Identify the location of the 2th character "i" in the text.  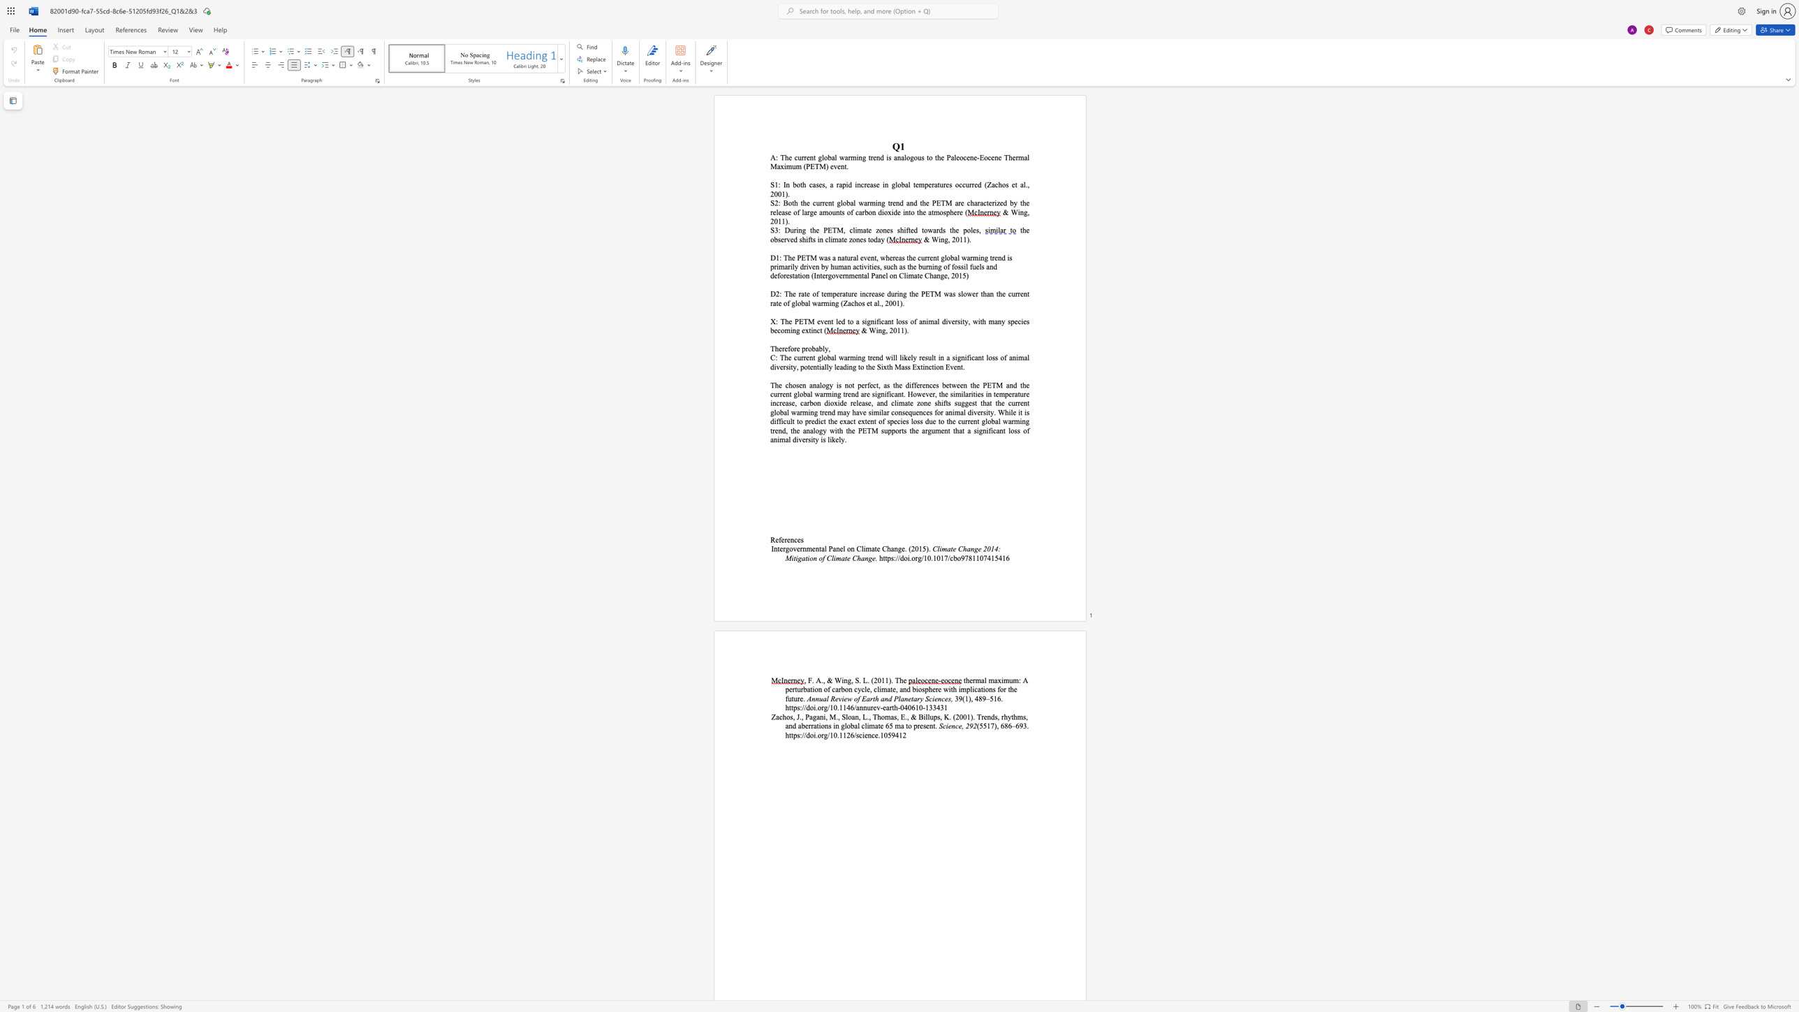
(910, 384).